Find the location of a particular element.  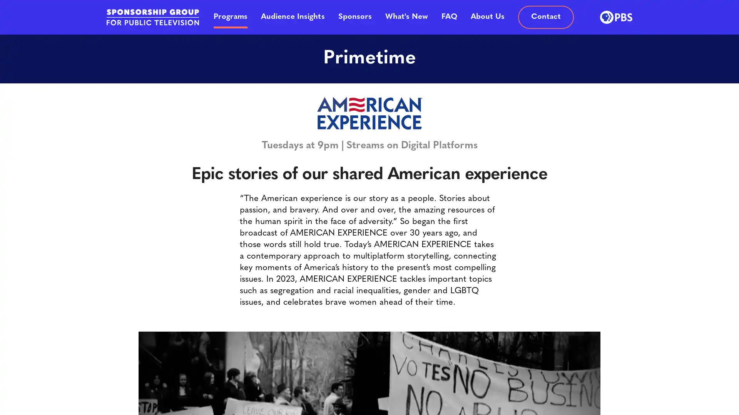

SUBMIT is located at coordinates (405, 303).